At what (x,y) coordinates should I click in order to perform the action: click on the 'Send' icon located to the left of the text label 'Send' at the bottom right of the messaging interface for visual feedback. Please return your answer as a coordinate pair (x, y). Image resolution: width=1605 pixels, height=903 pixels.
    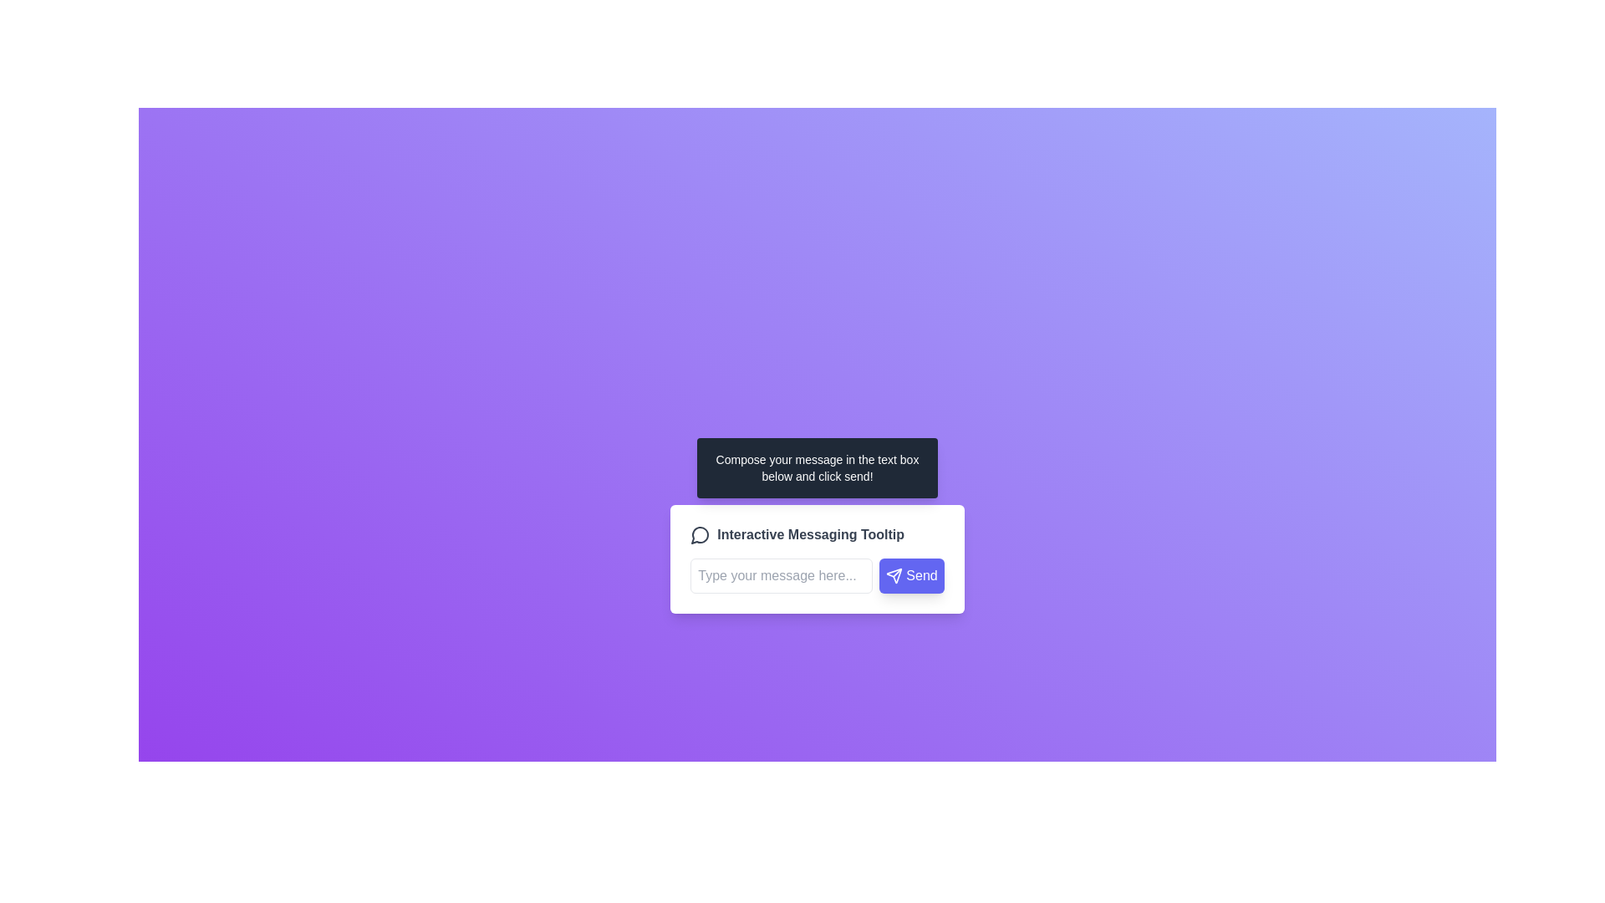
    Looking at the image, I should click on (894, 575).